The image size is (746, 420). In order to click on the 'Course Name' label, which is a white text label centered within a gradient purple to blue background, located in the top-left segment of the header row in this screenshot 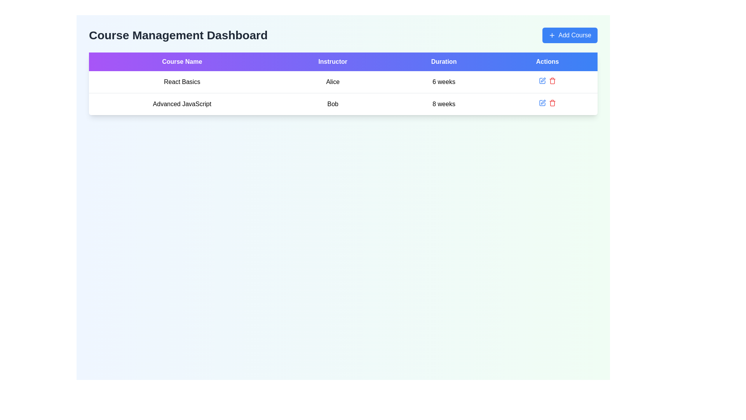, I will do `click(181, 61)`.